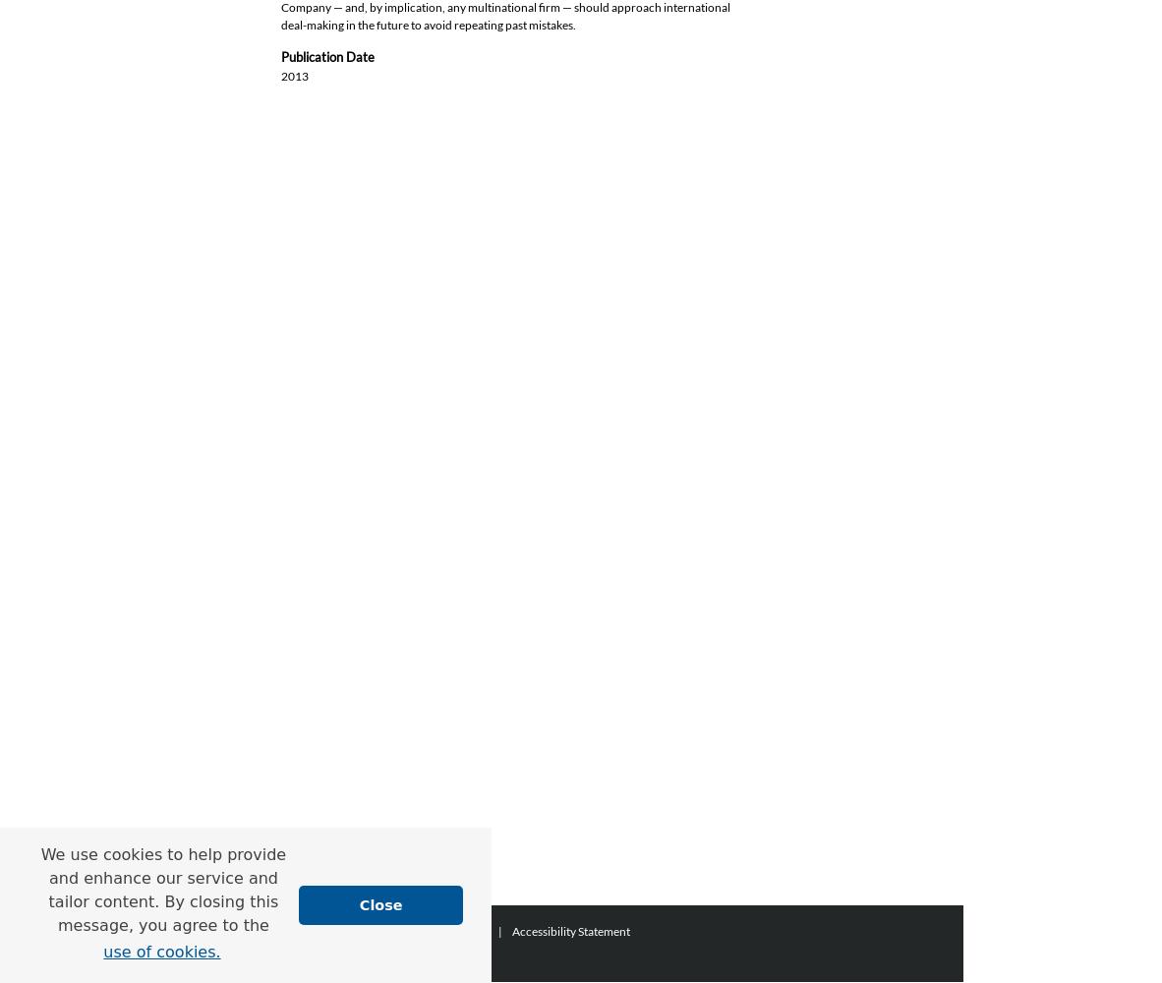  What do you see at coordinates (339, 954) in the screenshot?
I see `'Copyright'` at bounding box center [339, 954].